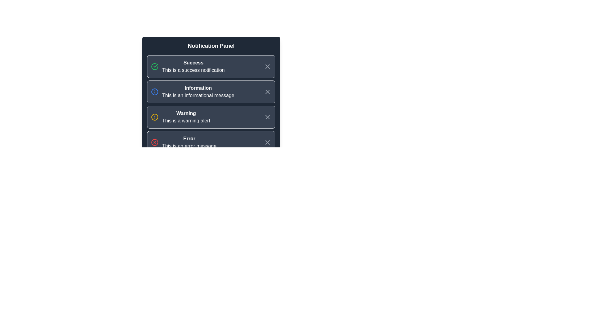 Image resolution: width=592 pixels, height=333 pixels. I want to click on the warning icon located beside the 'Warning' label in the third row of the notification list, so click(155, 117).